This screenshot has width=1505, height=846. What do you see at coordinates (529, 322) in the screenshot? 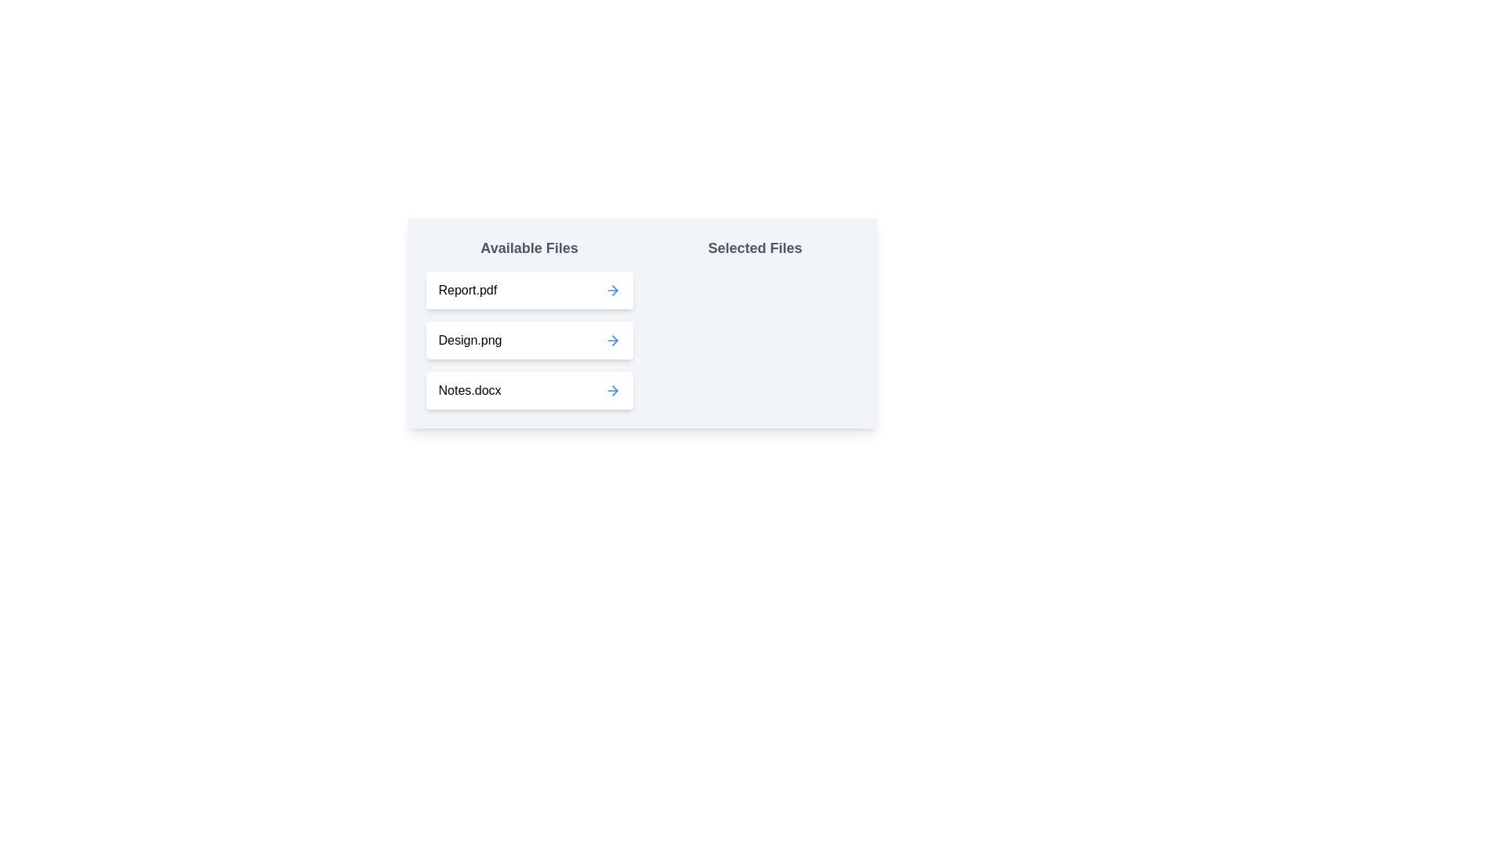
I see `the list item displaying 'Design.png' in the 'Available Files' section` at bounding box center [529, 322].